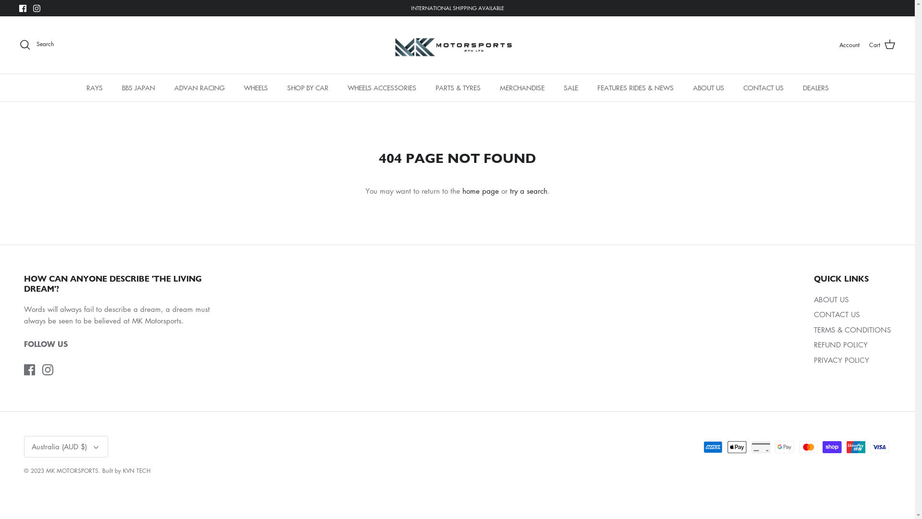 This screenshot has width=922, height=519. Describe the element at coordinates (849, 45) in the screenshot. I see `'Account'` at that location.